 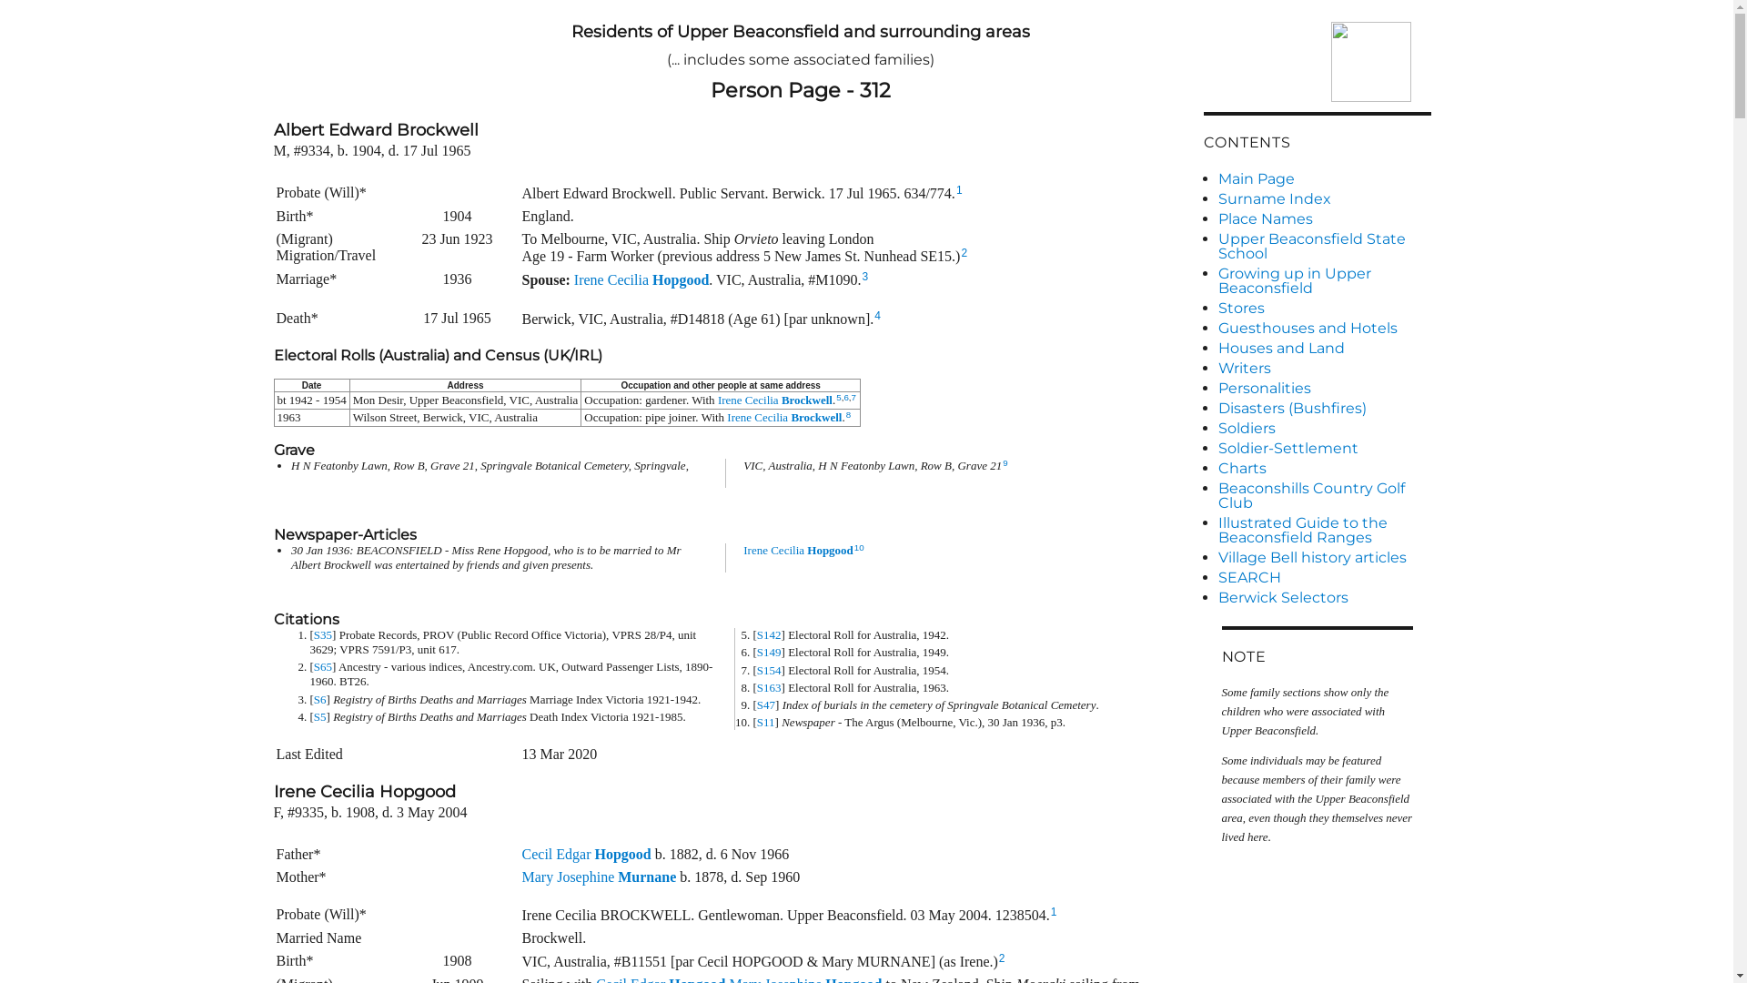 I want to click on 'S149', so click(x=756, y=651).